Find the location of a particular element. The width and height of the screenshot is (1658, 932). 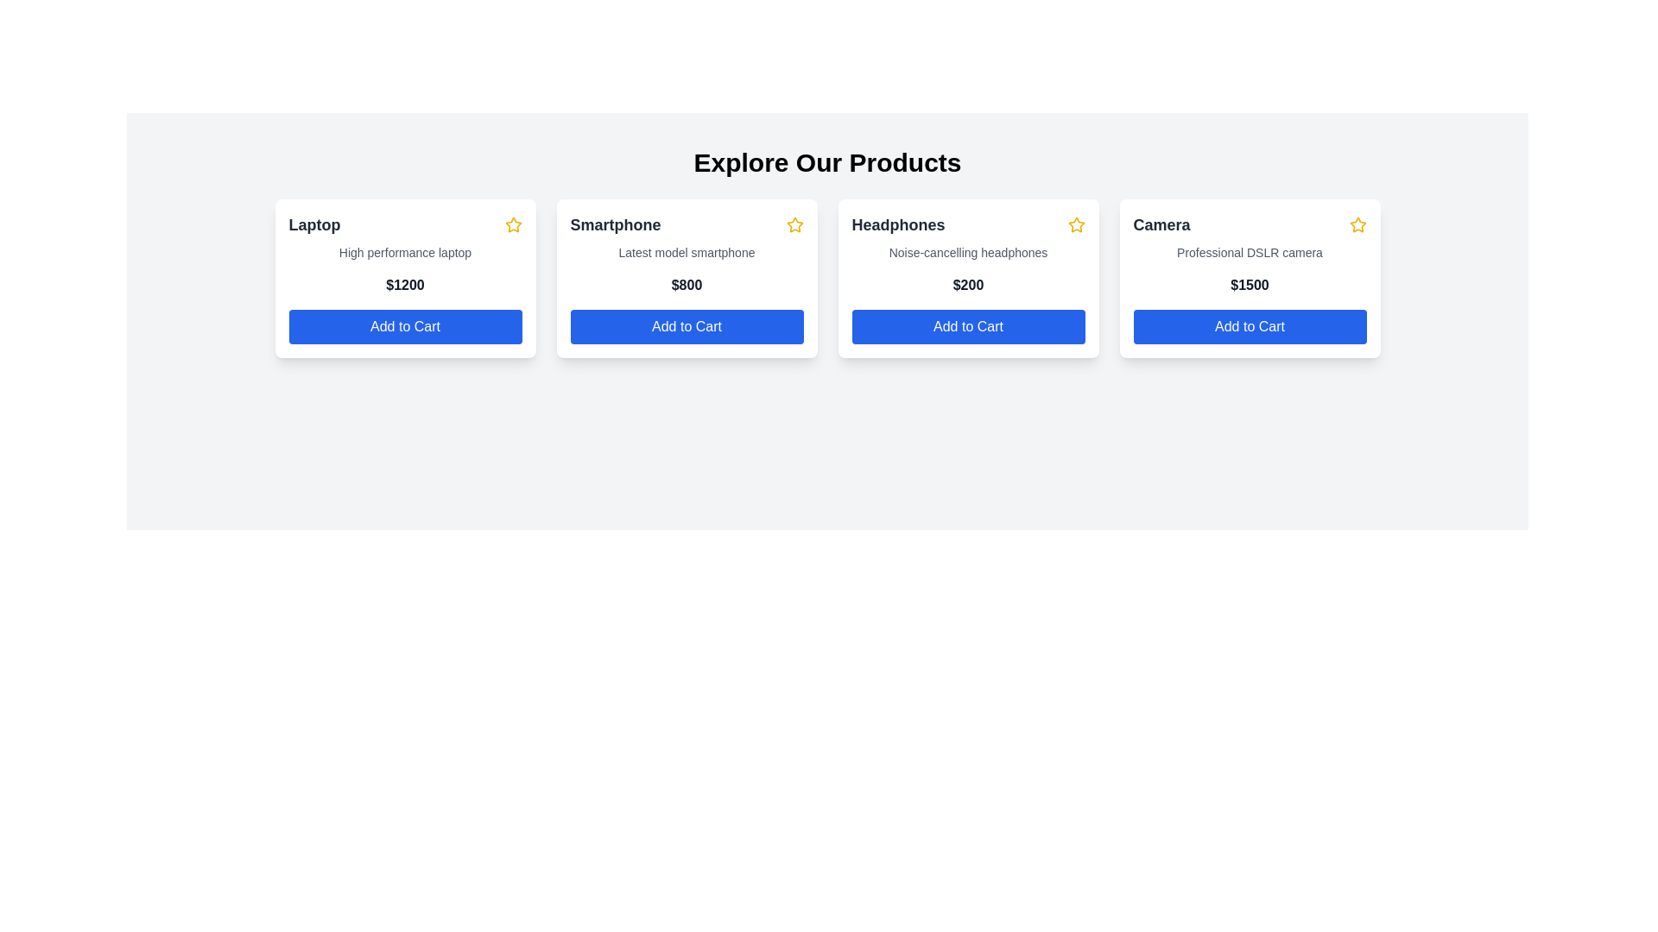

text label that displays 'Smartphone' in bold, large font at the top center of the second product card from the left is located at coordinates (616, 224).